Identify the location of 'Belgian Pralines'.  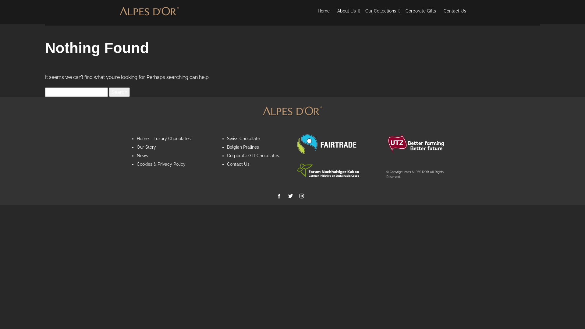
(242, 147).